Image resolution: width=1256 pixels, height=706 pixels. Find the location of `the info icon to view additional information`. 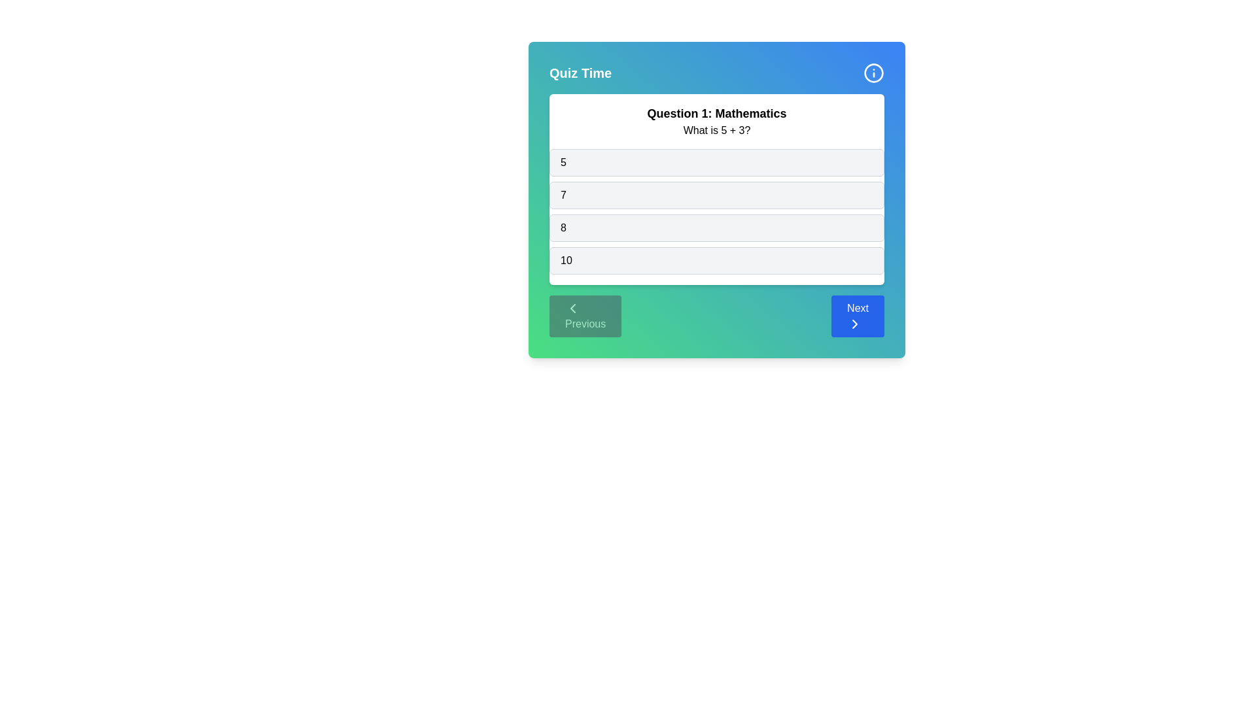

the info icon to view additional information is located at coordinates (873, 73).